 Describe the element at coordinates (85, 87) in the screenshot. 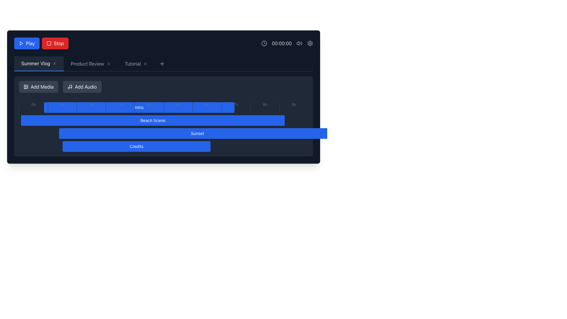

I see `the 'Add Audio' button, which is the second button in the horizontal toolbar displaying white text on a dark gray background` at that location.